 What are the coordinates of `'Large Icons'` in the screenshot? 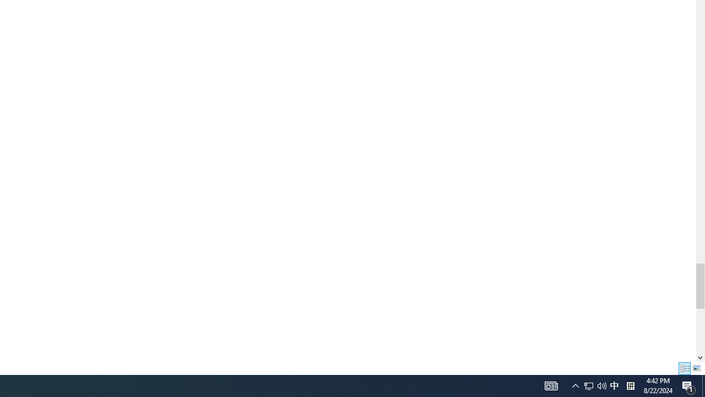 It's located at (696, 368).